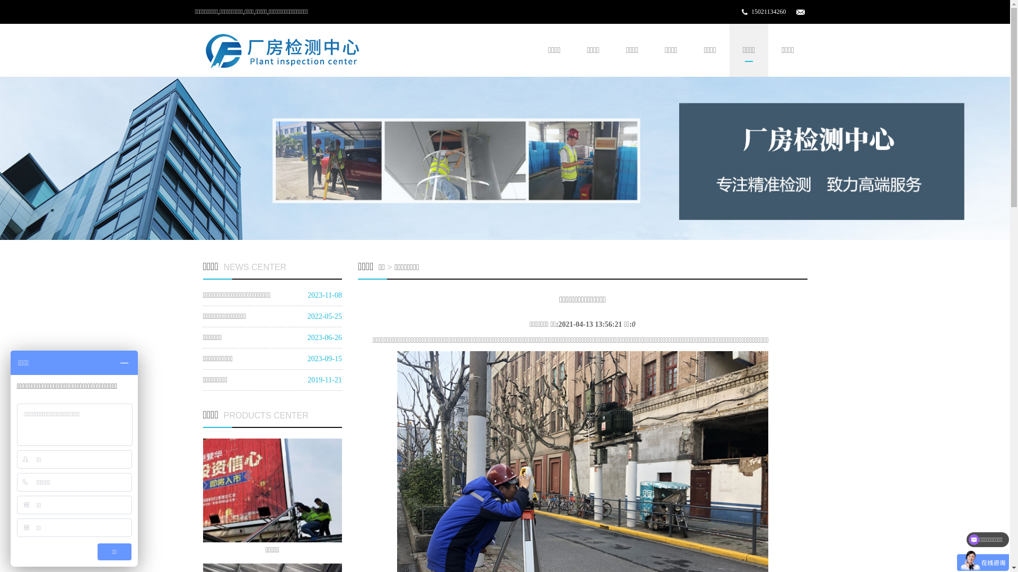 The image size is (1018, 572). What do you see at coordinates (768, 12) in the screenshot?
I see `'15021134260'` at bounding box center [768, 12].